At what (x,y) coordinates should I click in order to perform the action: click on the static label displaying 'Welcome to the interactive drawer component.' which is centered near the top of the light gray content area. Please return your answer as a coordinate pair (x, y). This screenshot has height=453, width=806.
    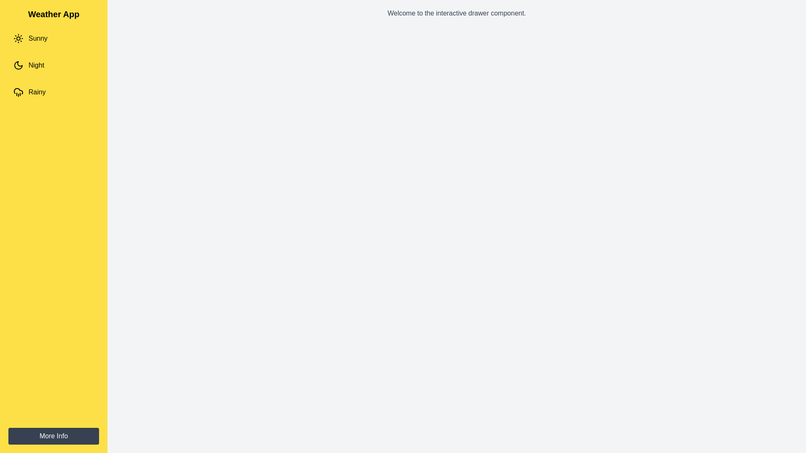
    Looking at the image, I should click on (456, 13).